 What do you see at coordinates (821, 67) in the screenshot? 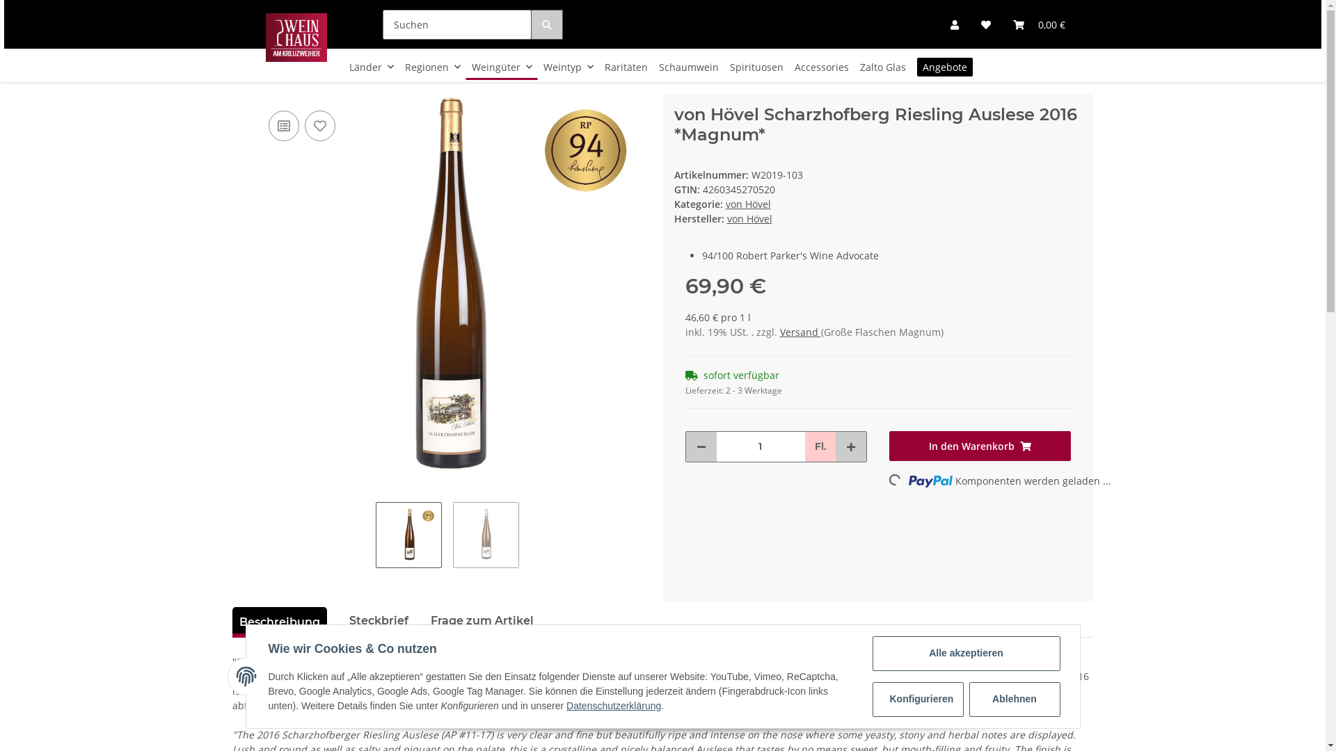
I see `'Accessories'` at bounding box center [821, 67].